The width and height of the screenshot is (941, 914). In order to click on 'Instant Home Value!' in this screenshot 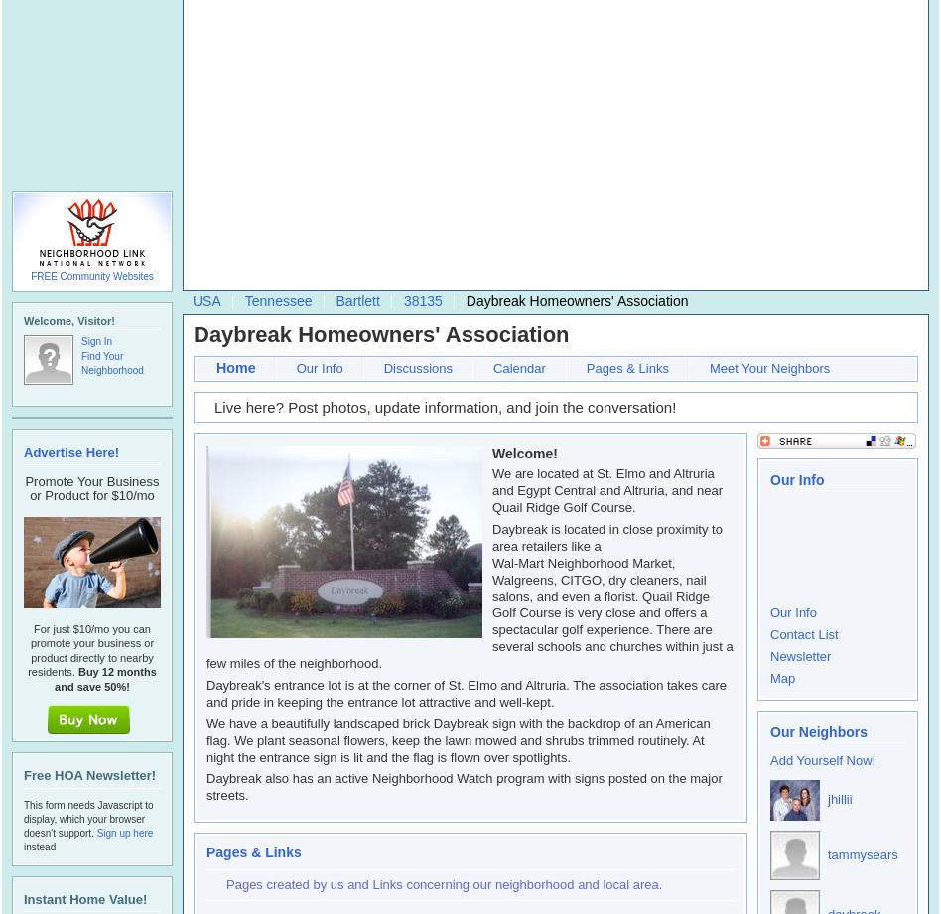, I will do `click(84, 897)`.